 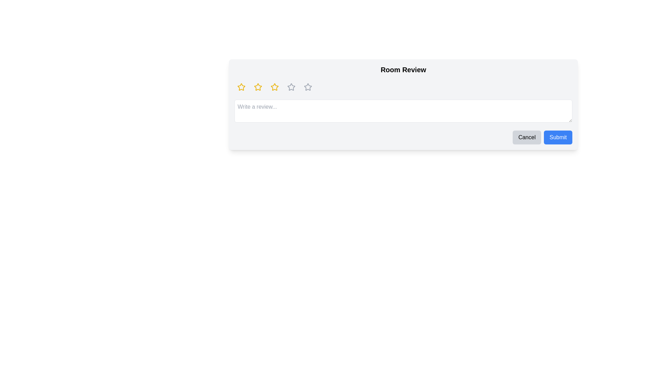 What do you see at coordinates (274, 86) in the screenshot?
I see `the third star in the rating system` at bounding box center [274, 86].